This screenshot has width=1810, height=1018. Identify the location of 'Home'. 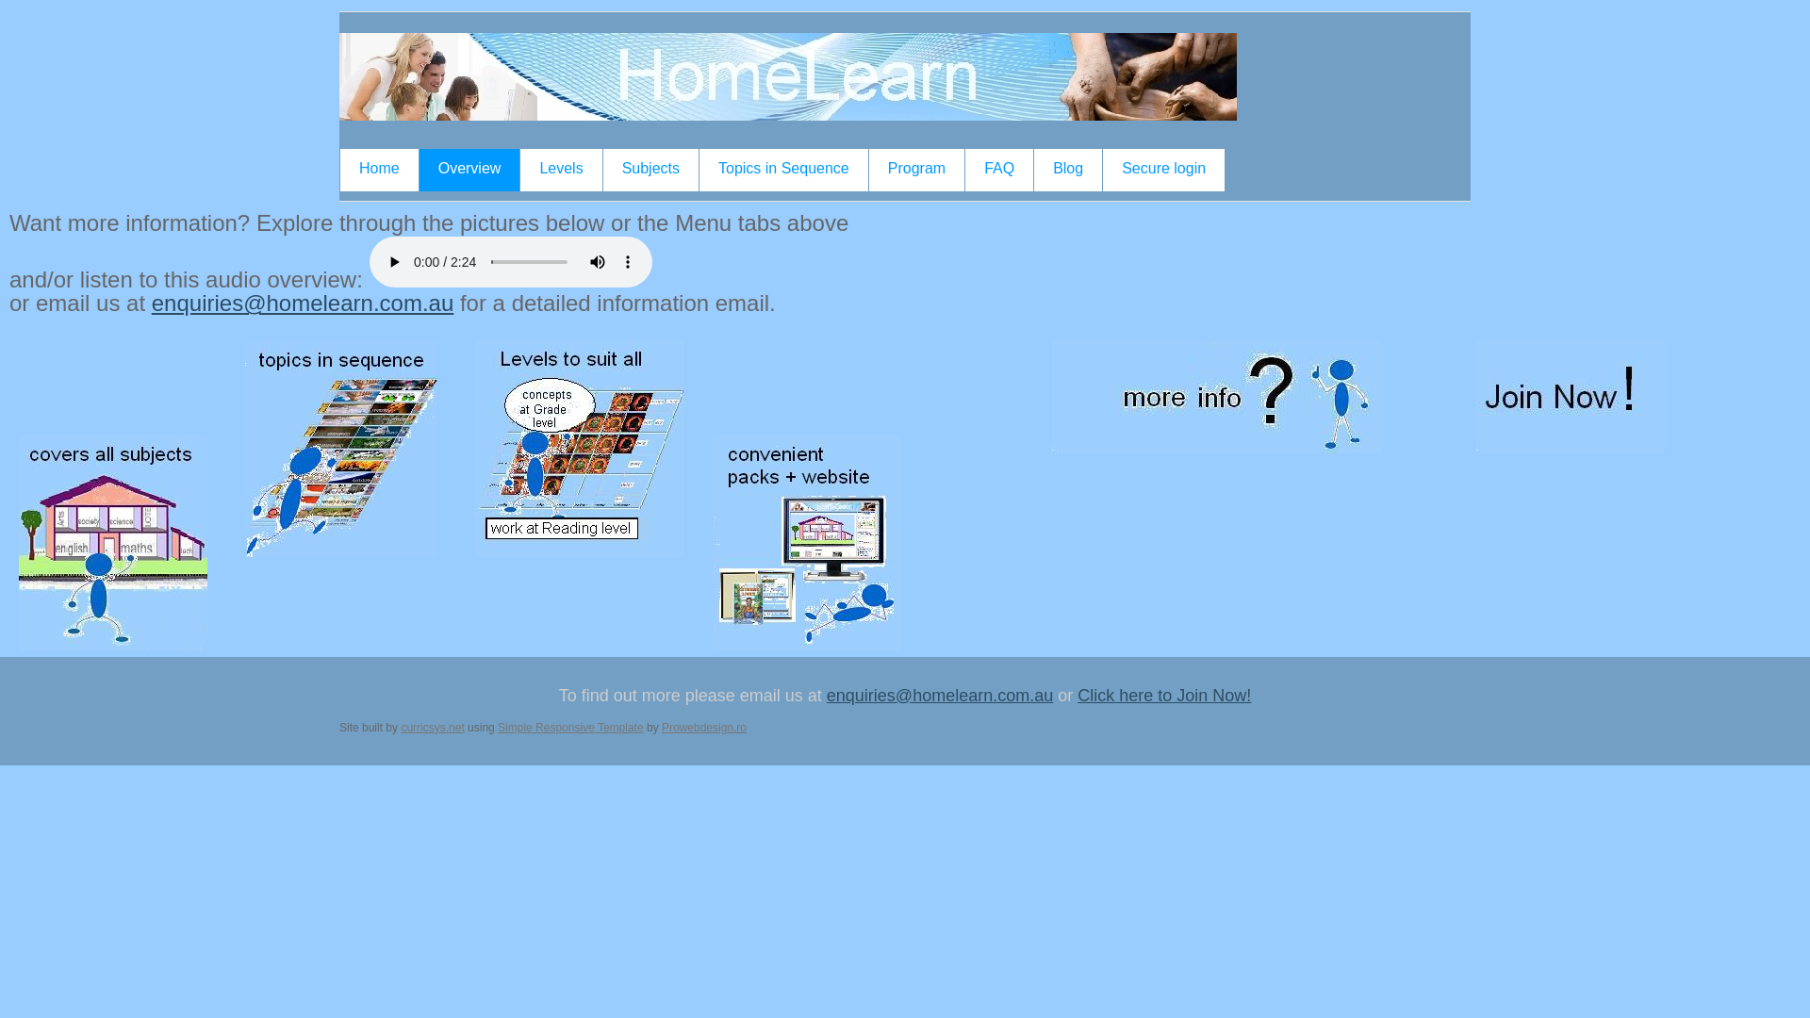
(378, 170).